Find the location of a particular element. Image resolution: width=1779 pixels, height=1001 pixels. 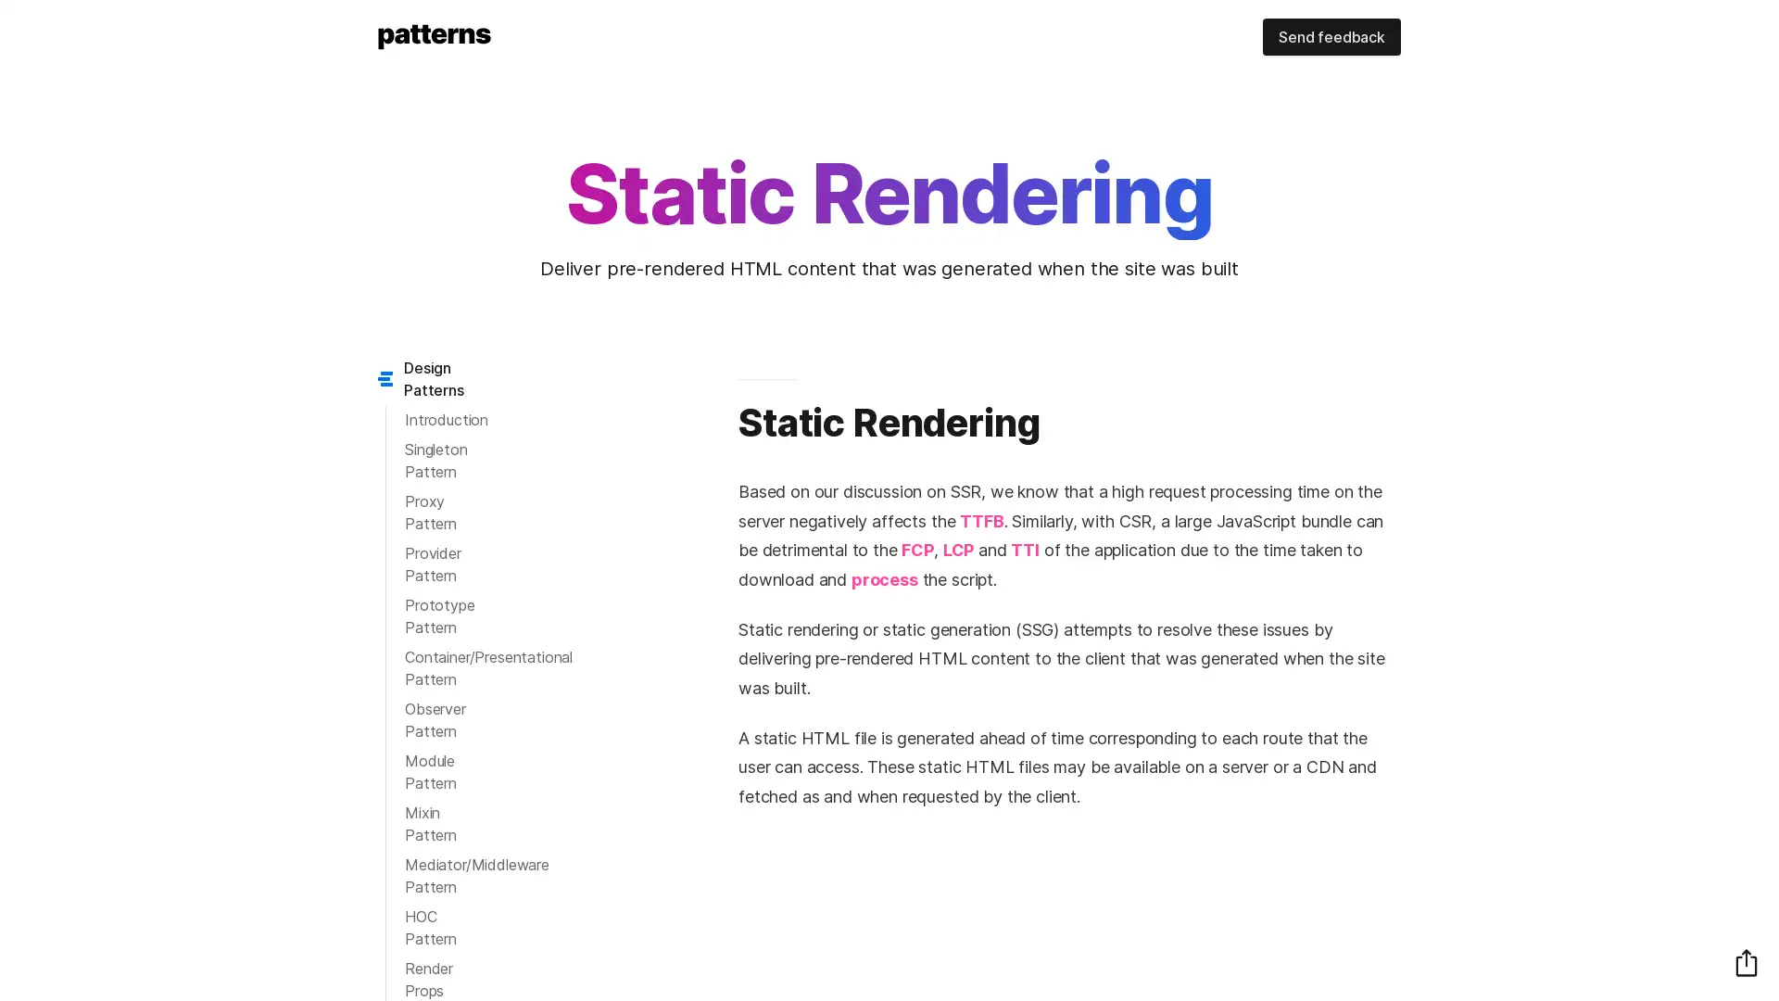

Share is located at coordinates (1746, 961).